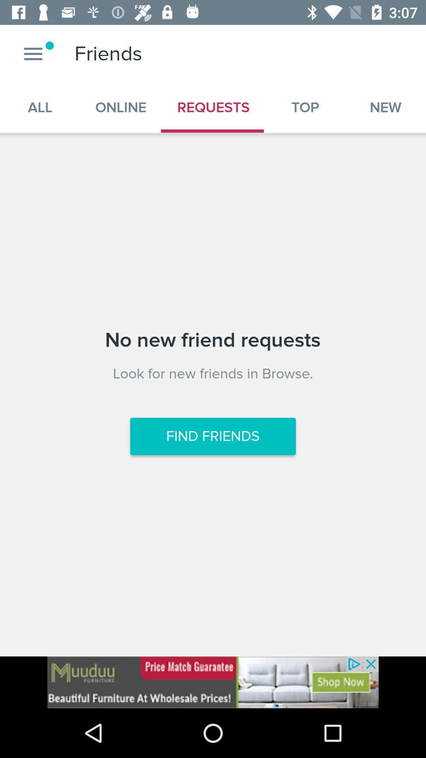 The image size is (426, 758). I want to click on advertisement space, so click(213, 682).